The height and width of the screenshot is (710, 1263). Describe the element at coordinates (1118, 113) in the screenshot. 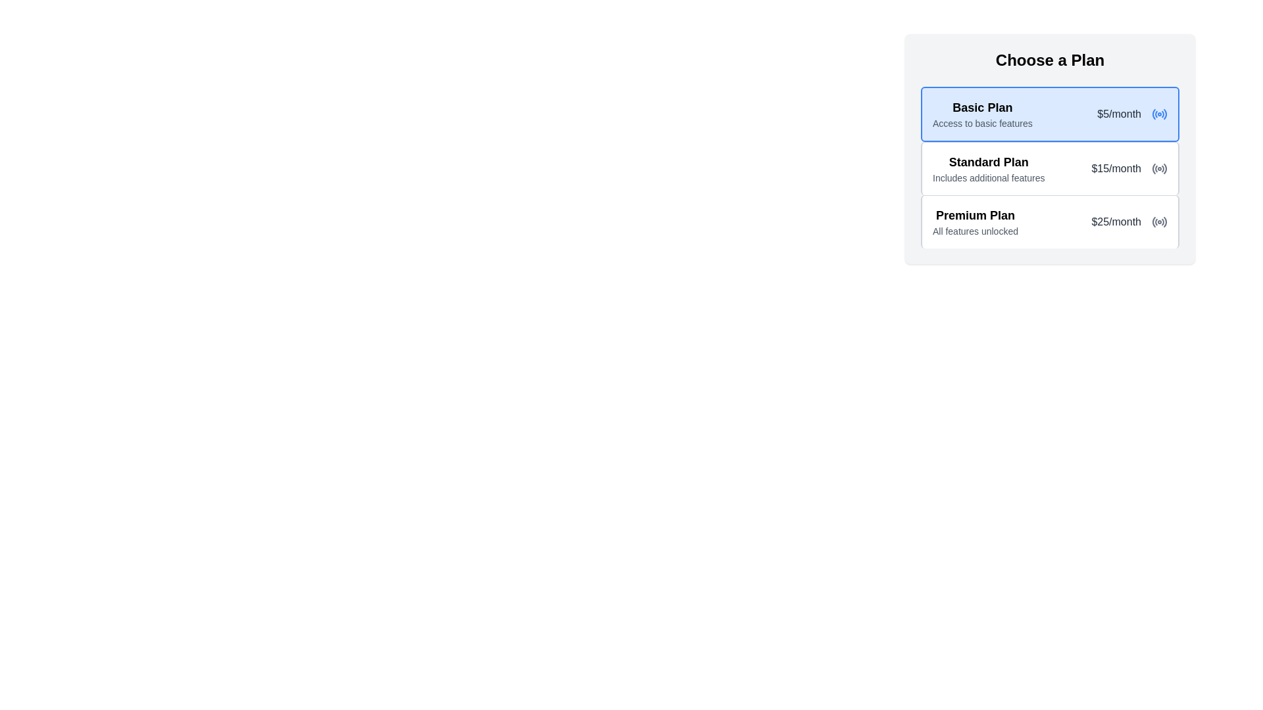

I see `text displayed in the text label showing '$5/month' which is adjacent to the 'Basic Plan' title in the 'Choose a Plan' section` at that location.